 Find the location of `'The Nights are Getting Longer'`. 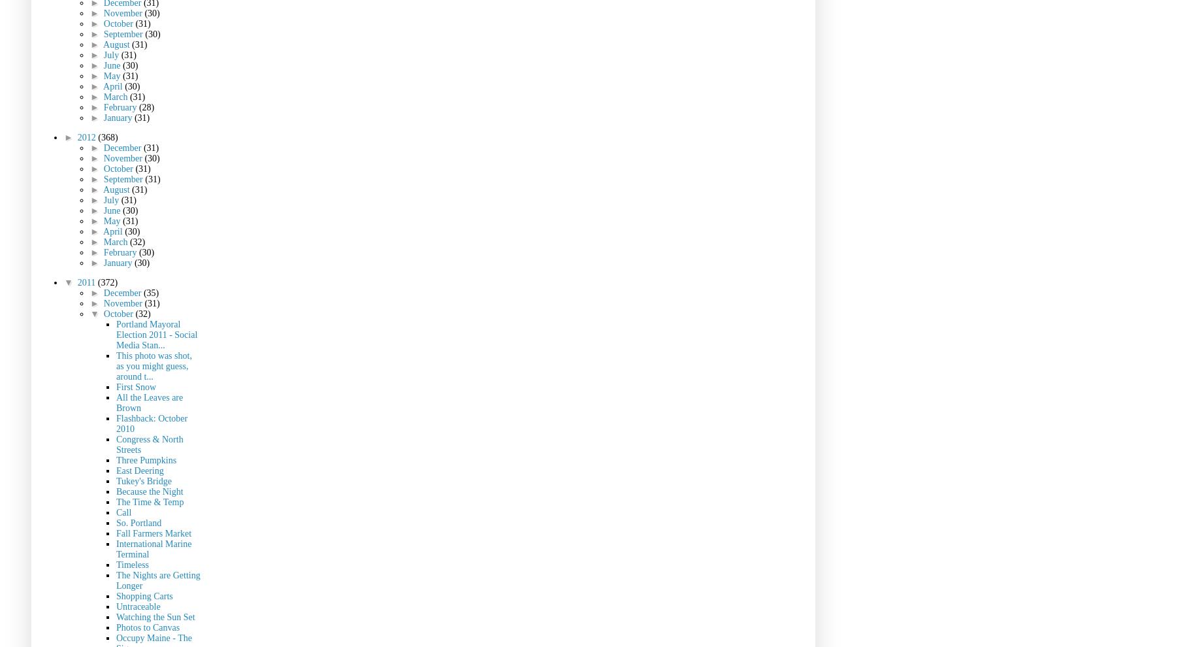

'The Nights are Getting Longer' is located at coordinates (158, 580).